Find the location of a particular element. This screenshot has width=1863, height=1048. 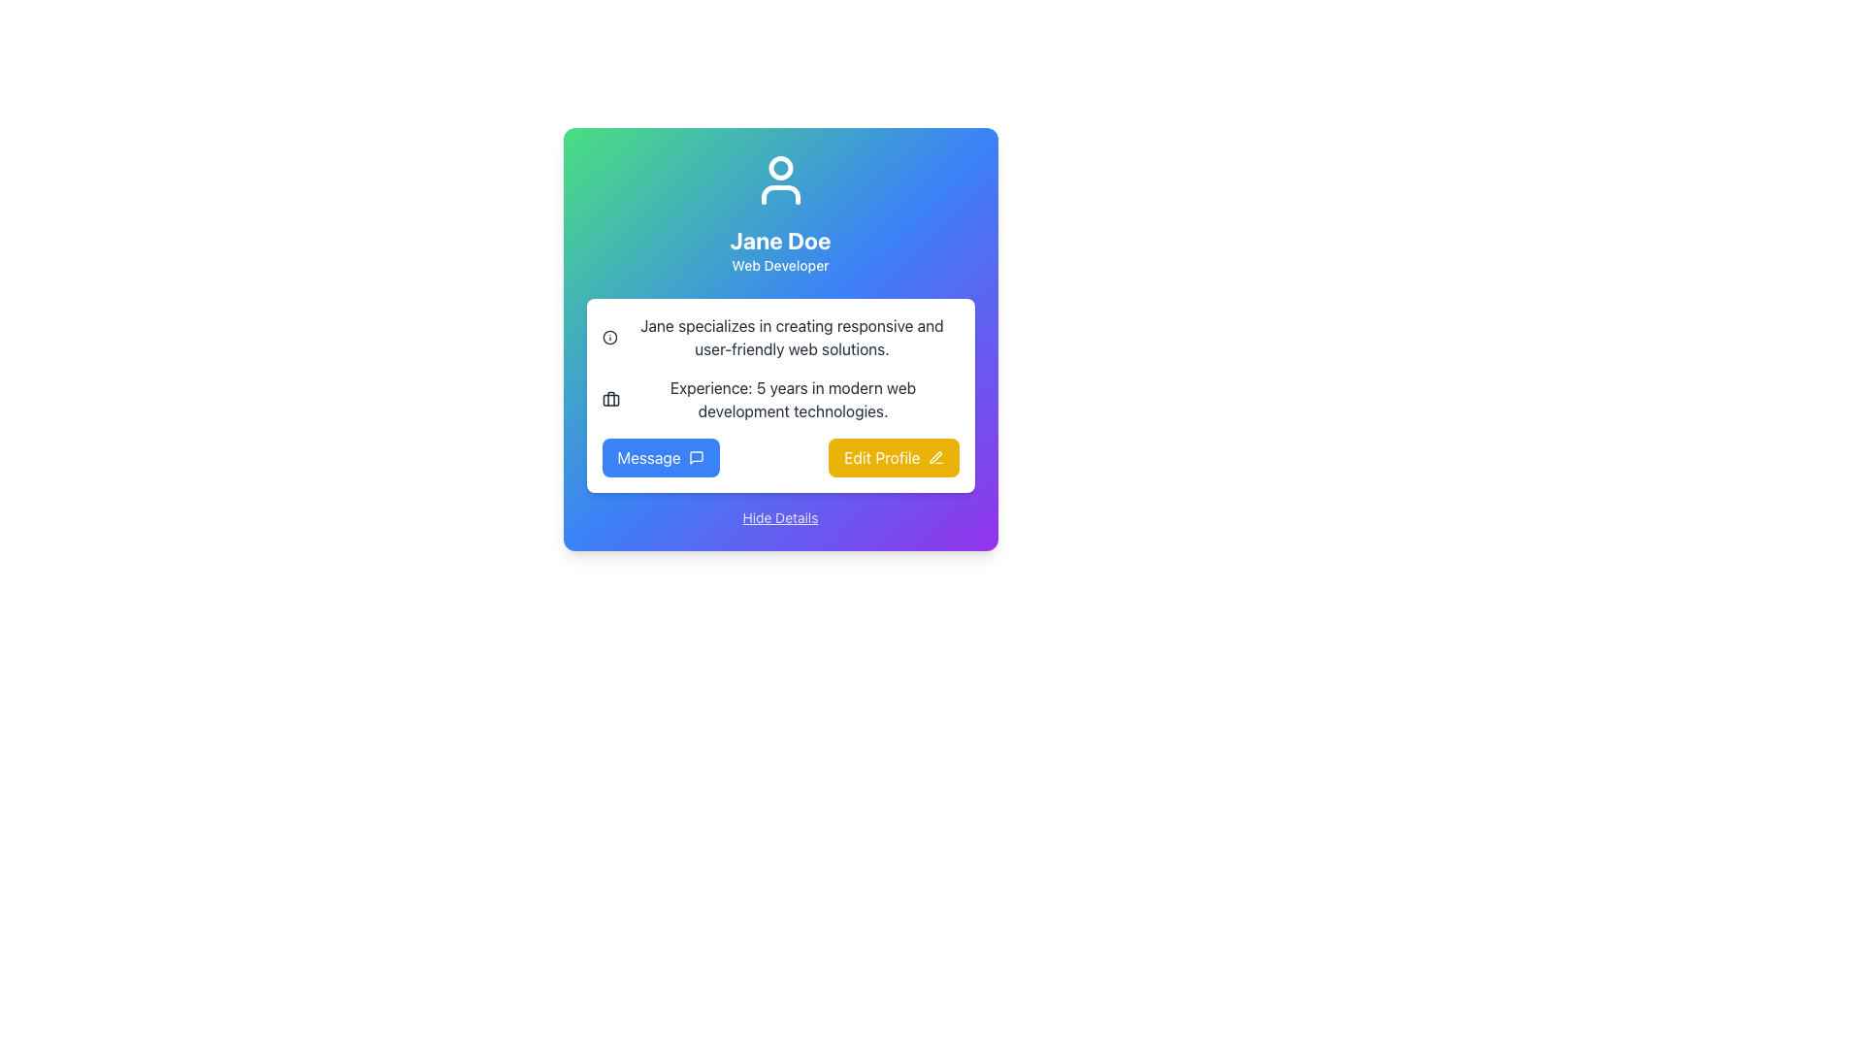

the message bubble icon is located at coordinates (696, 457).